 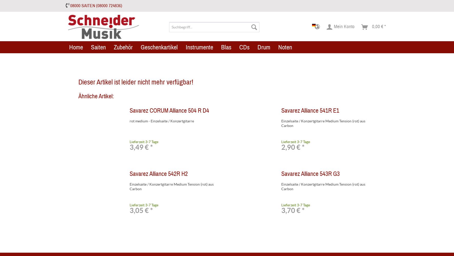 I want to click on 'Drum', so click(x=257, y=47).